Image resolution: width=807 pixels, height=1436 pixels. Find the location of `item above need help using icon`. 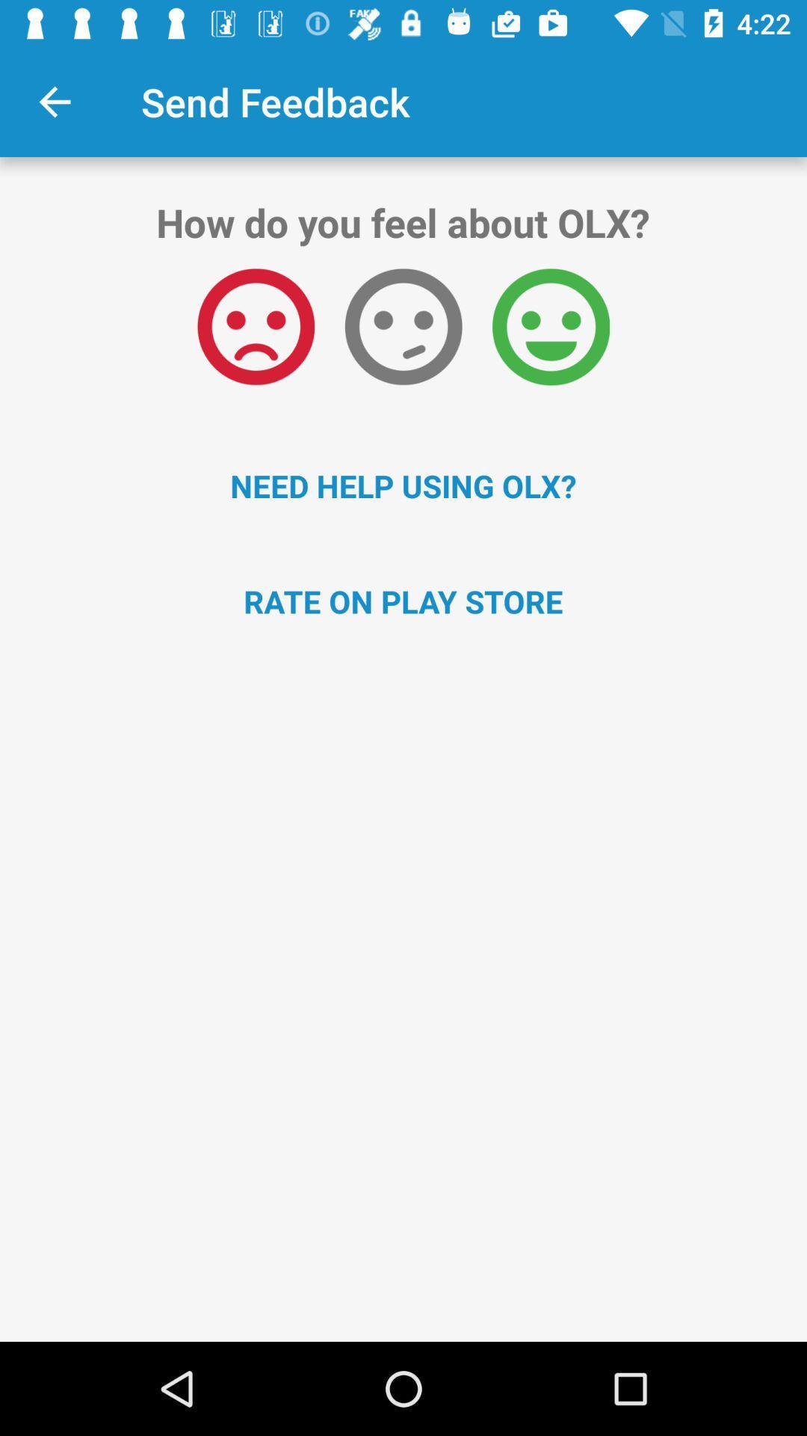

item above need help using icon is located at coordinates (403, 326).